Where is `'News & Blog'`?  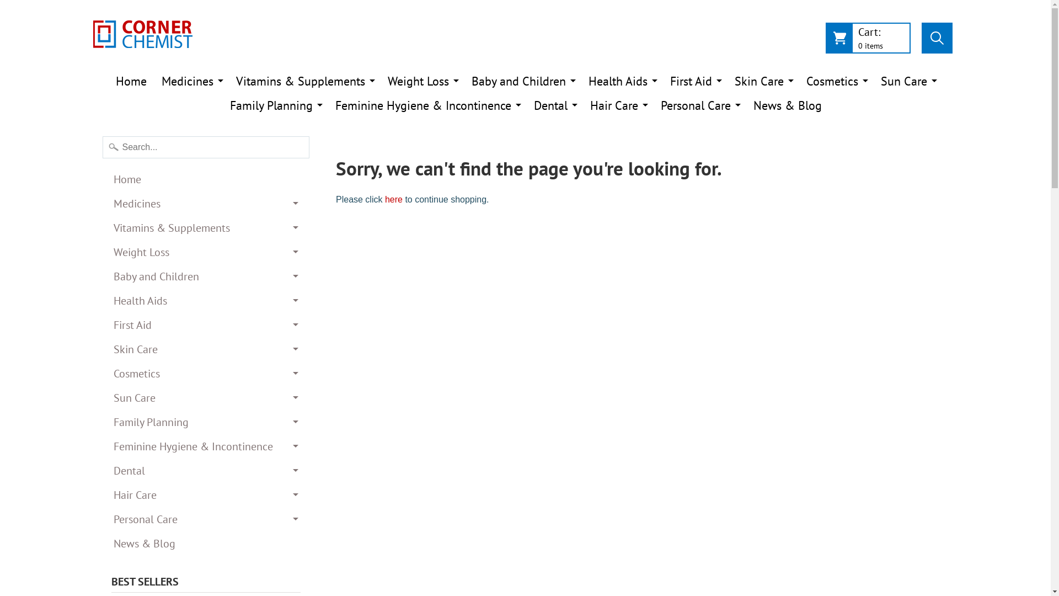
'News & Blog' is located at coordinates (746, 105).